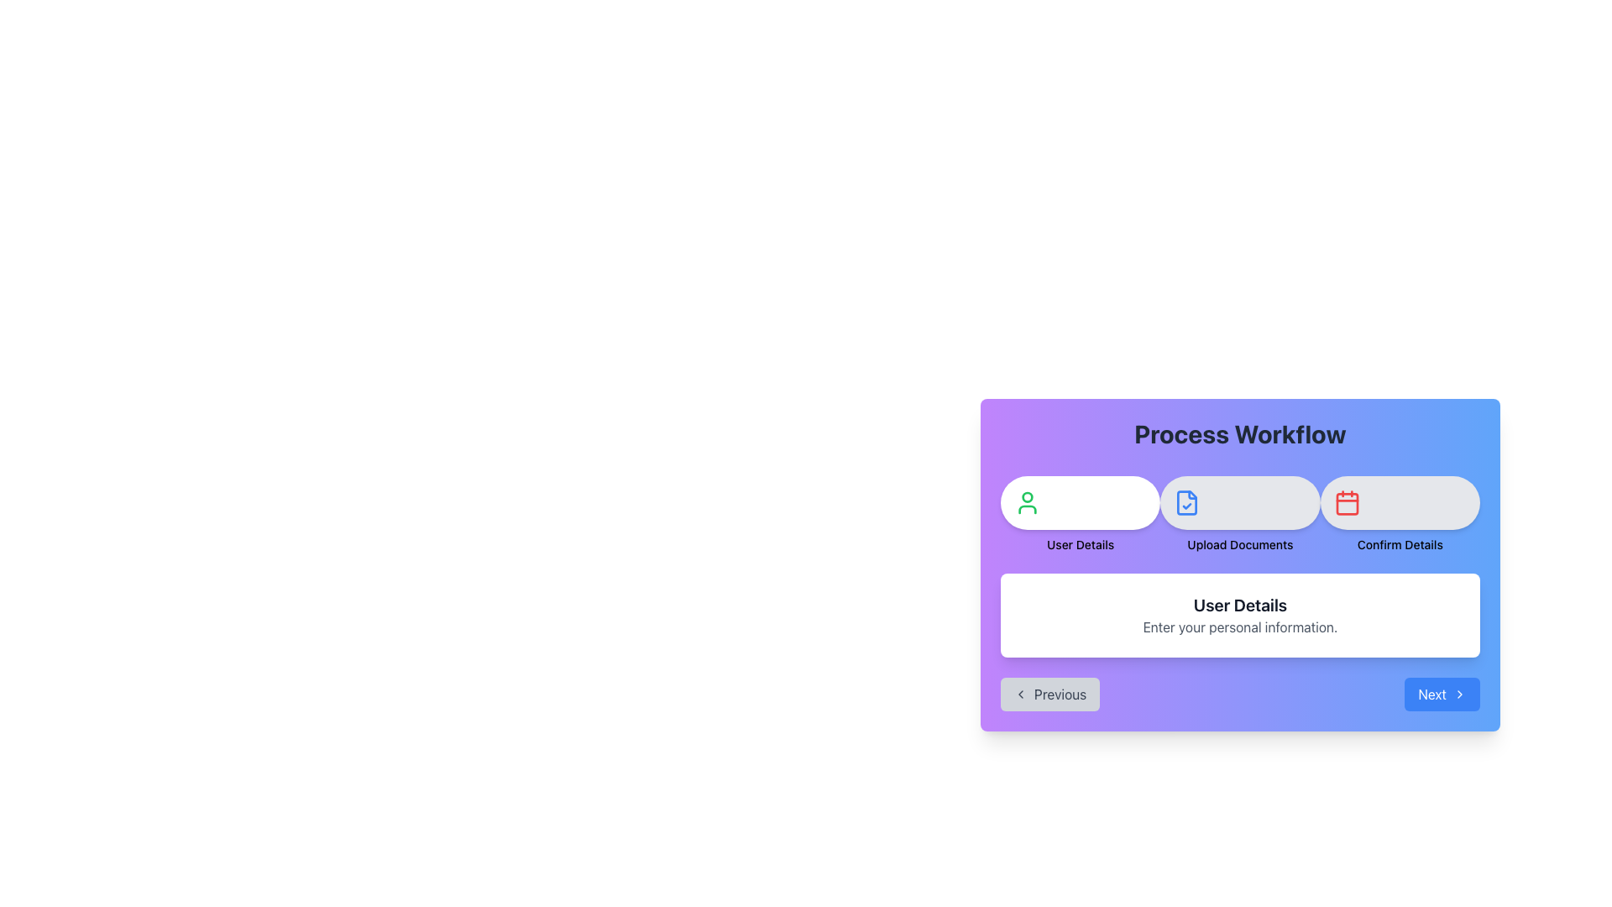  Describe the element at coordinates (1347, 503) in the screenshot. I see `the inner rectangle of the calendar icon, which signifies a date or schedule input, located as the third icon in the horizontal row of workflow steps` at that location.